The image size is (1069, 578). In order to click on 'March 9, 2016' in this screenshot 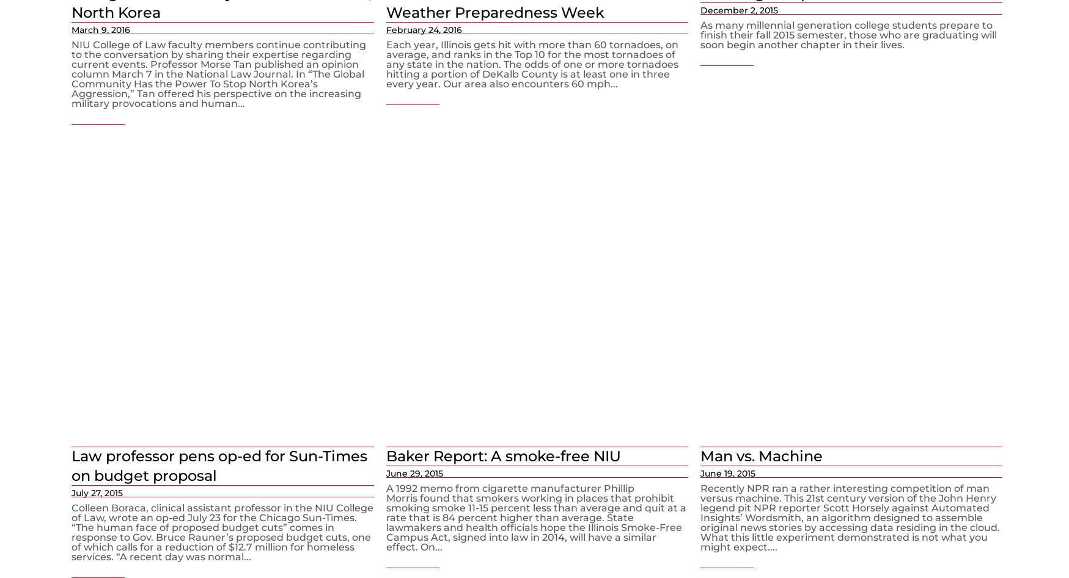, I will do `click(72, 29)`.